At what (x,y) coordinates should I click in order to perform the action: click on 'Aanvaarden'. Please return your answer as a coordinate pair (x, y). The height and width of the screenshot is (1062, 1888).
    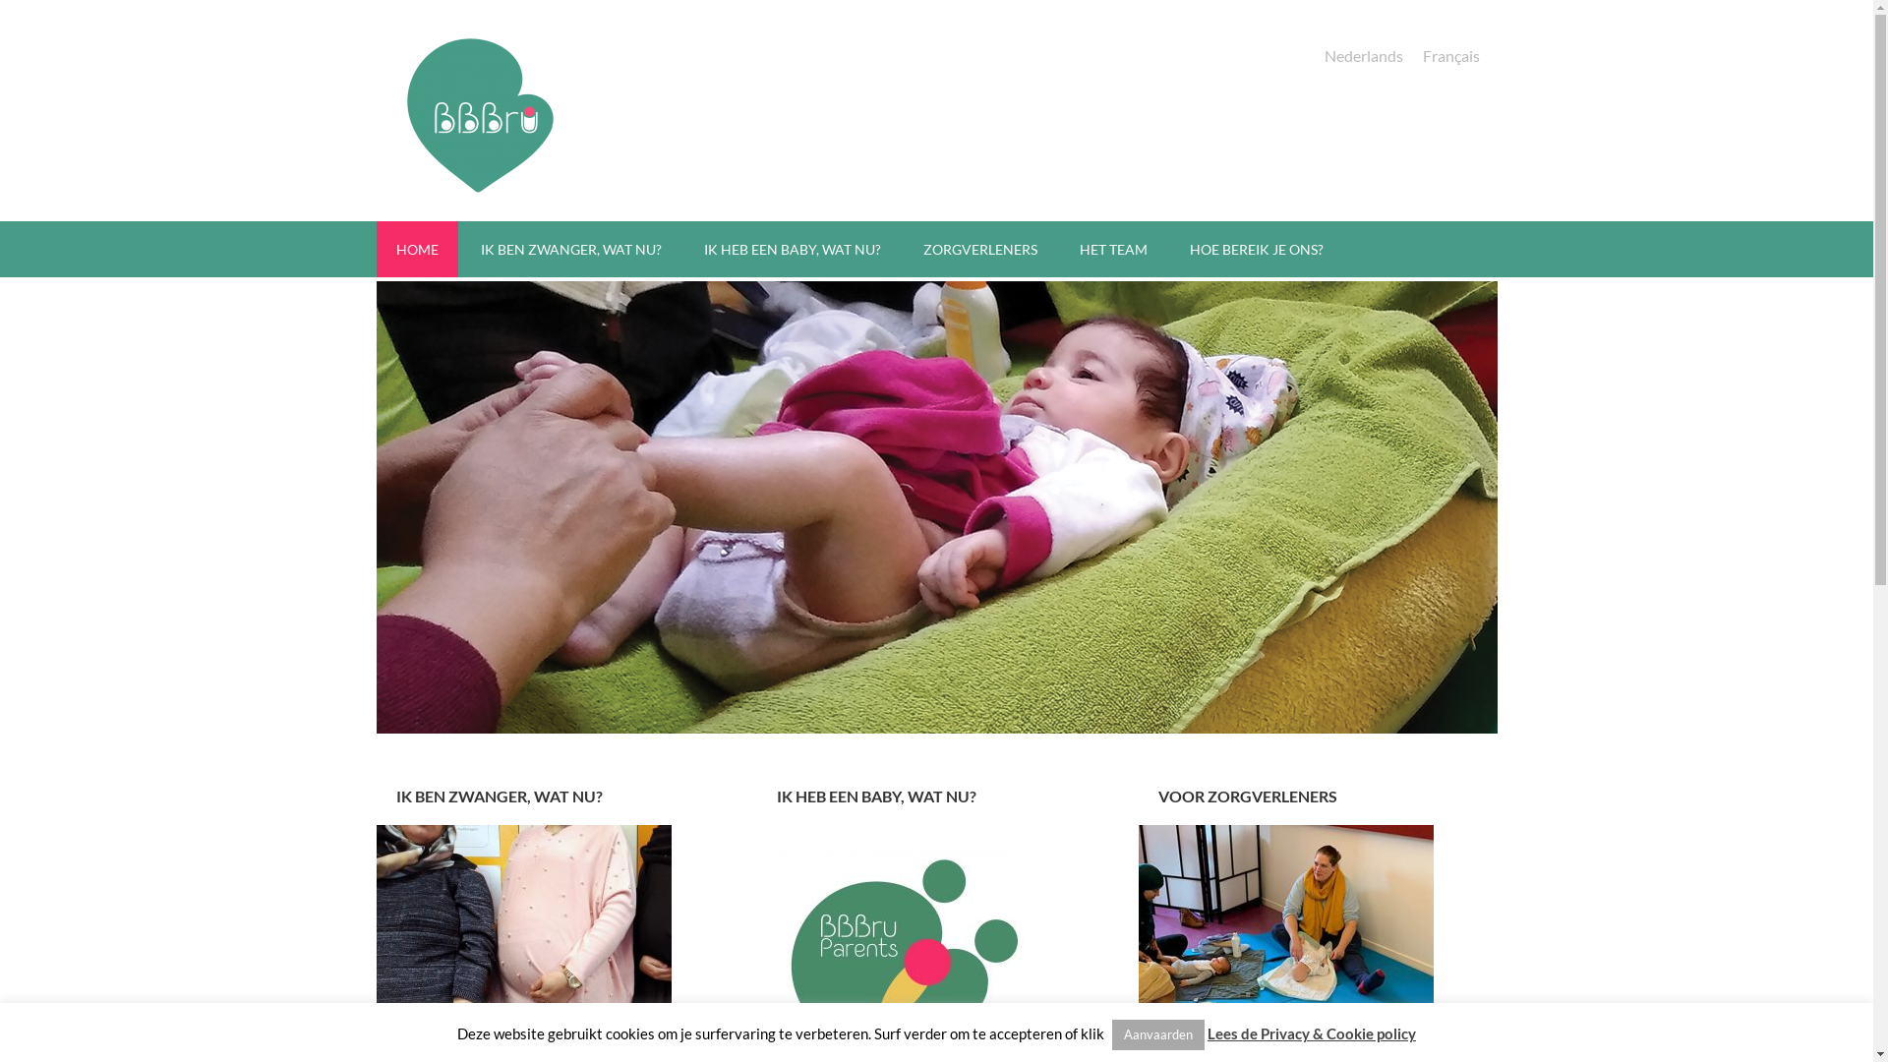
    Looking at the image, I should click on (1157, 1033).